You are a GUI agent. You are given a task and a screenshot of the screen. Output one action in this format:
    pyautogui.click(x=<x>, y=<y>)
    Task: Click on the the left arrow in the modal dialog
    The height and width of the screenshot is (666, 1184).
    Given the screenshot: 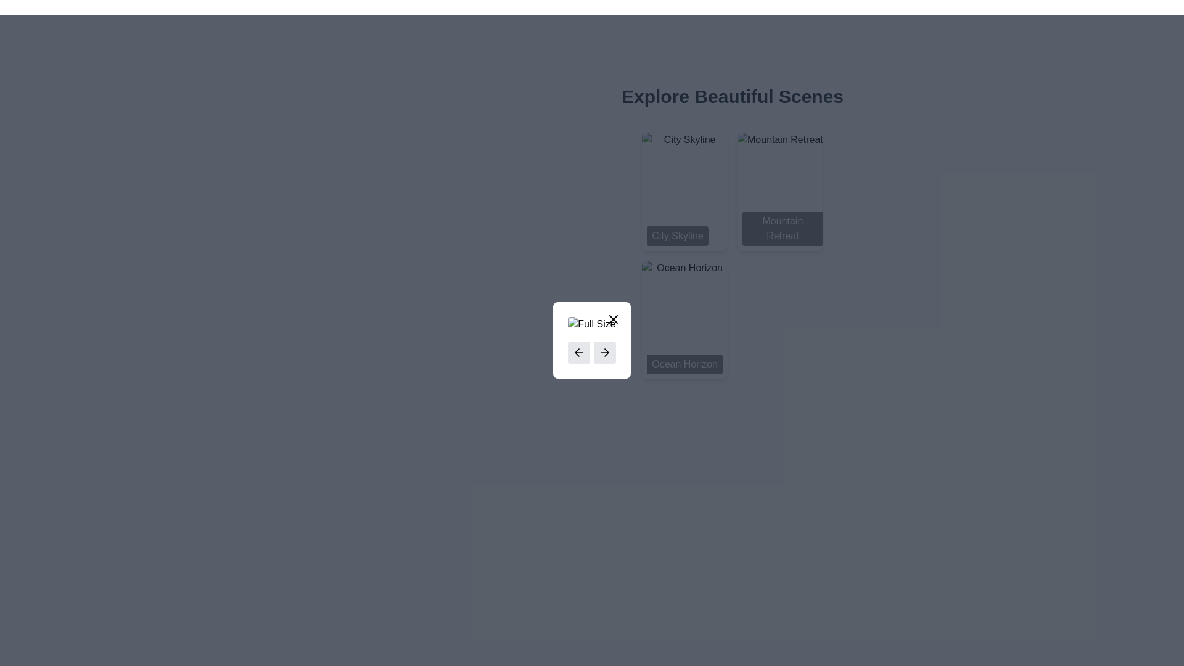 What is the action you would take?
    pyautogui.click(x=592, y=340)
    